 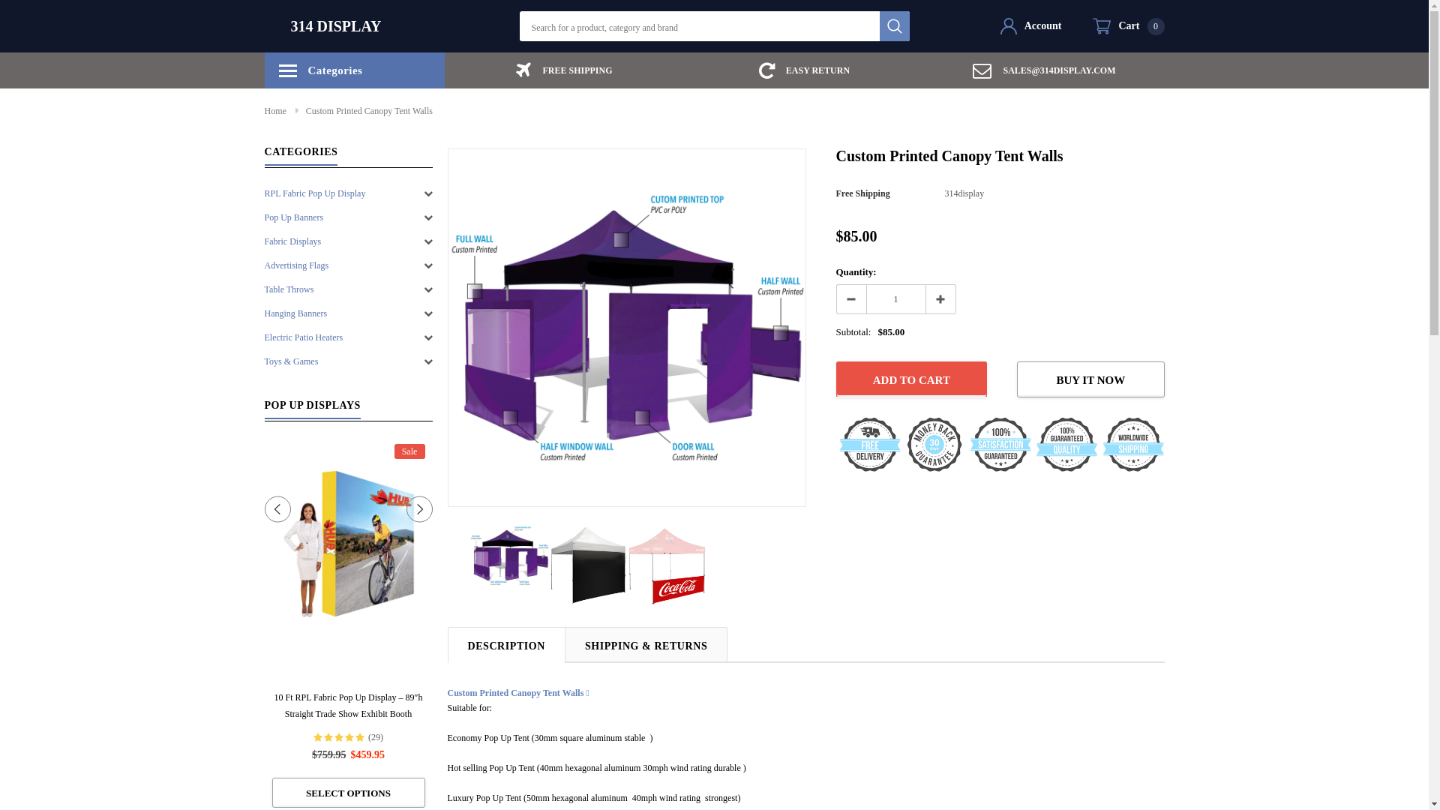 I want to click on 'Account', so click(x=1000, y=25).